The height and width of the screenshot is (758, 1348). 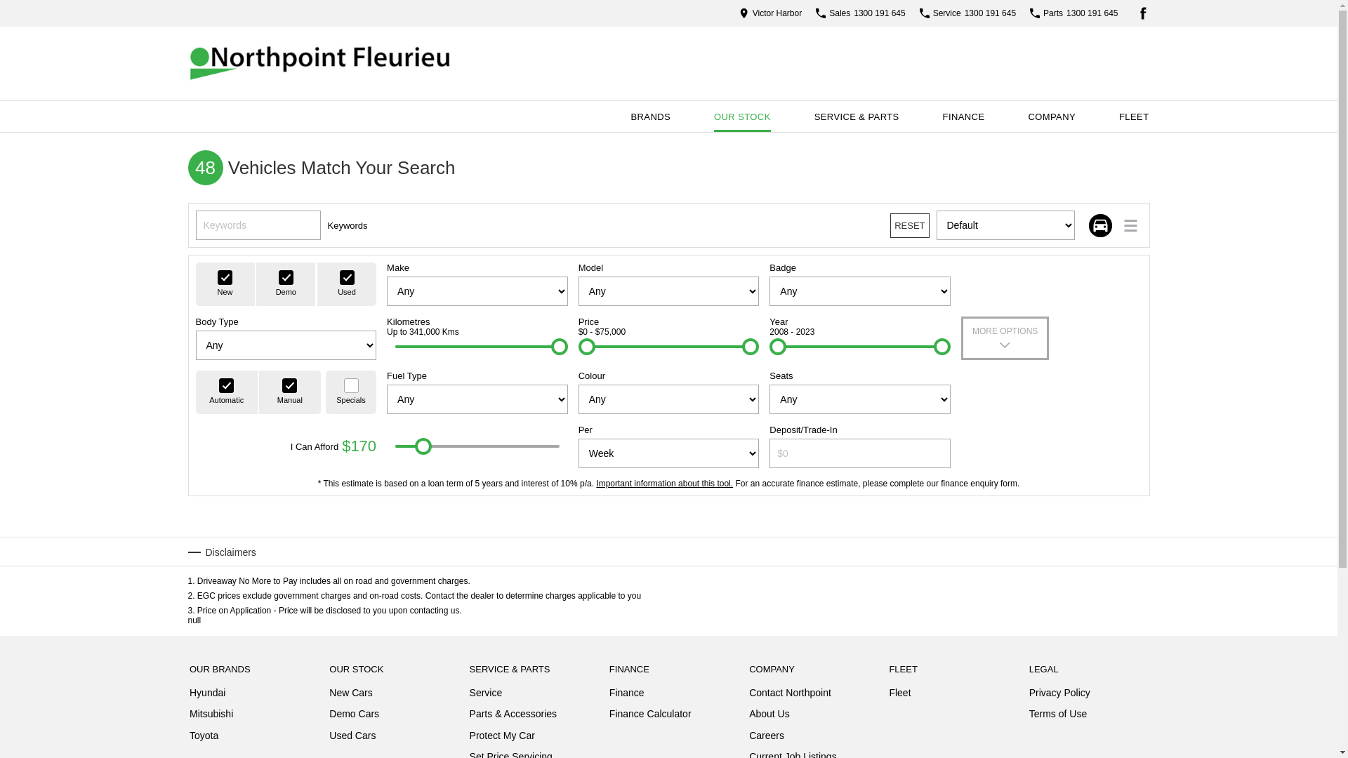 What do you see at coordinates (663, 483) in the screenshot?
I see `'Important information about this tool.'` at bounding box center [663, 483].